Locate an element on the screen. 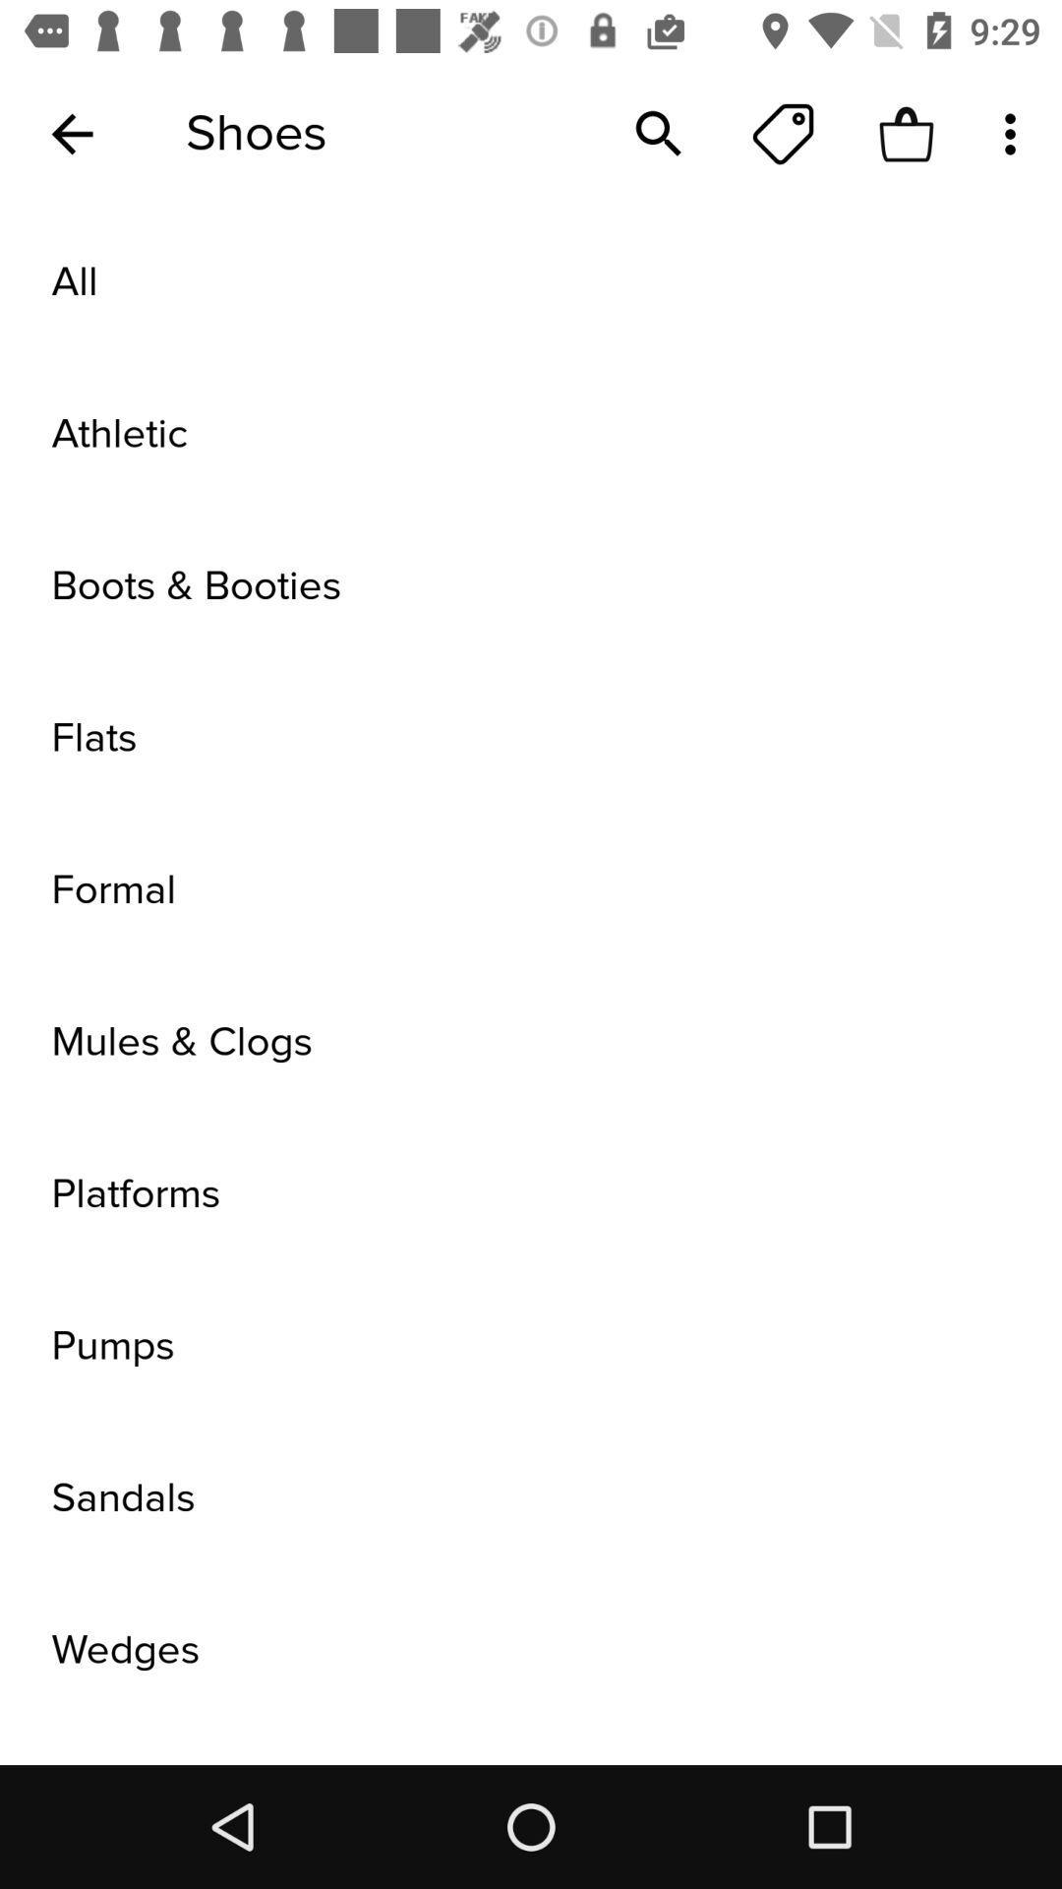 The width and height of the screenshot is (1062, 1889). the icon to the right of the shoes icon is located at coordinates (659, 133).